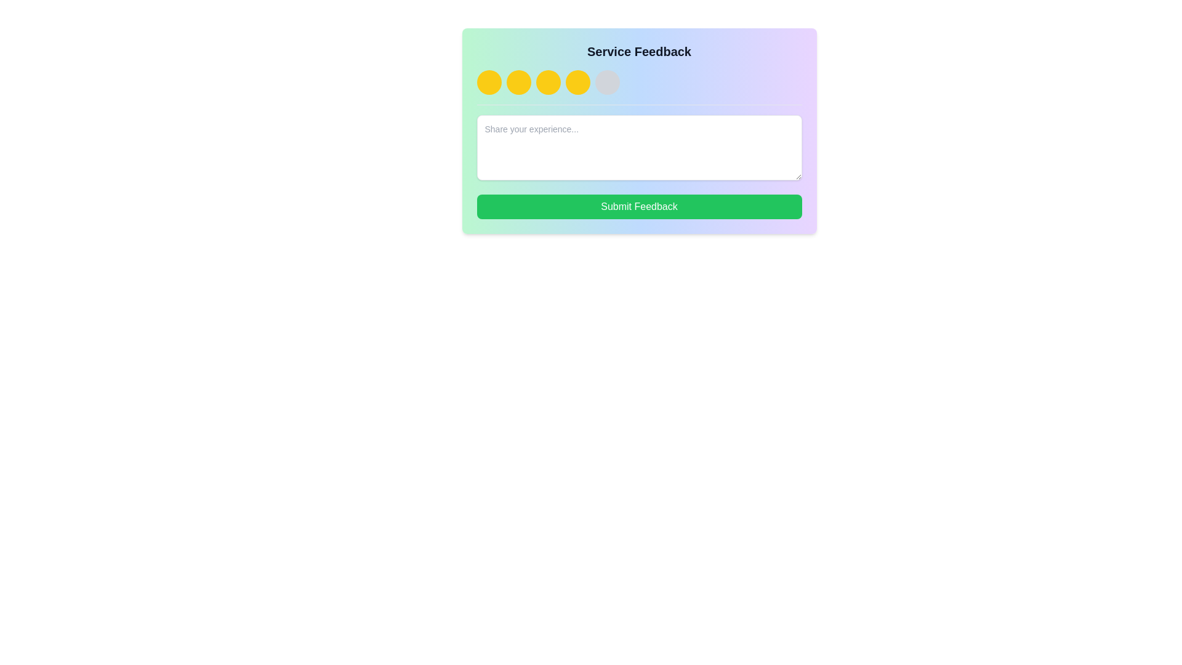 This screenshot has width=1182, height=665. I want to click on the interactive circular button with a bright yellow background, so click(518, 83).